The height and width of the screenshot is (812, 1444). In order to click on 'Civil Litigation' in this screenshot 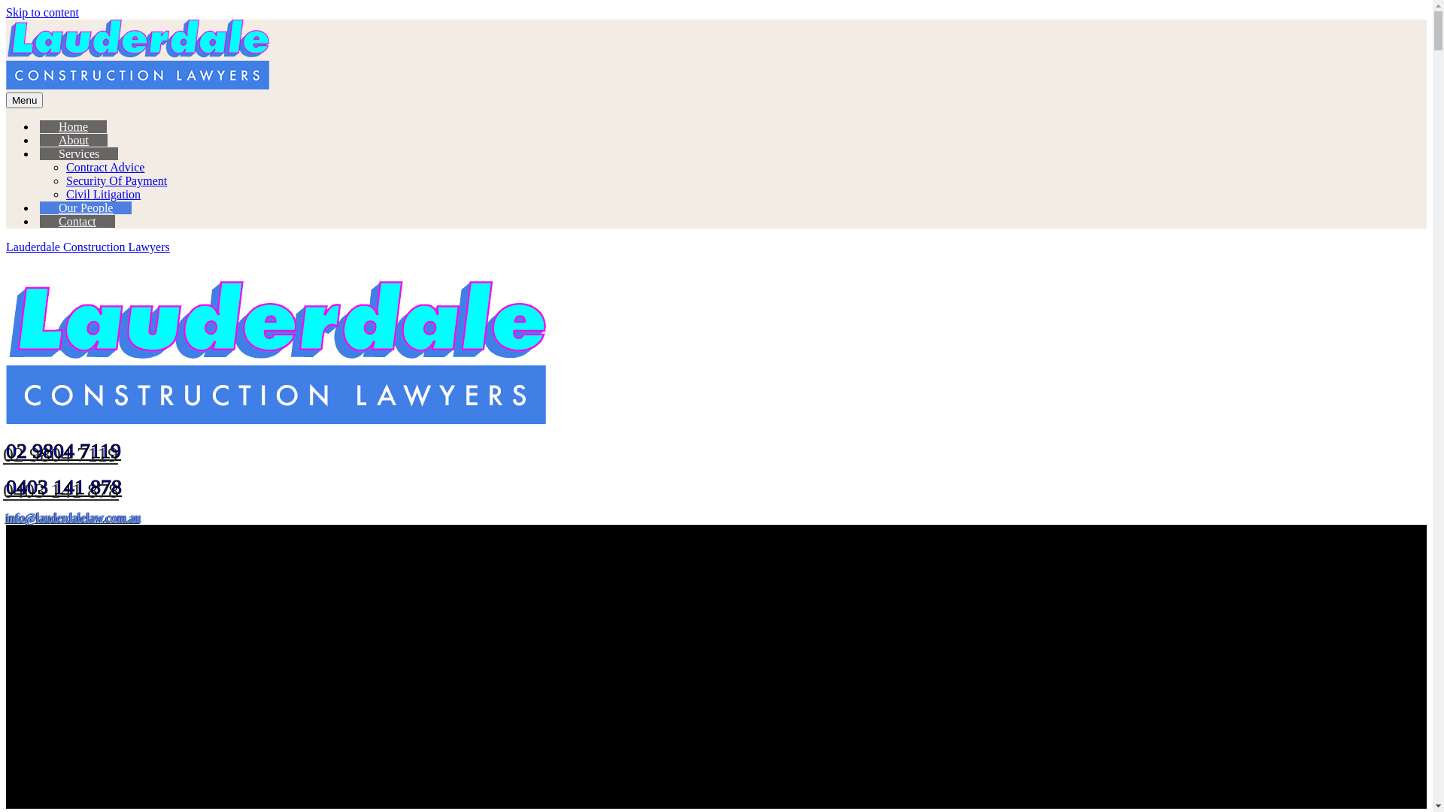, I will do `click(102, 193)`.